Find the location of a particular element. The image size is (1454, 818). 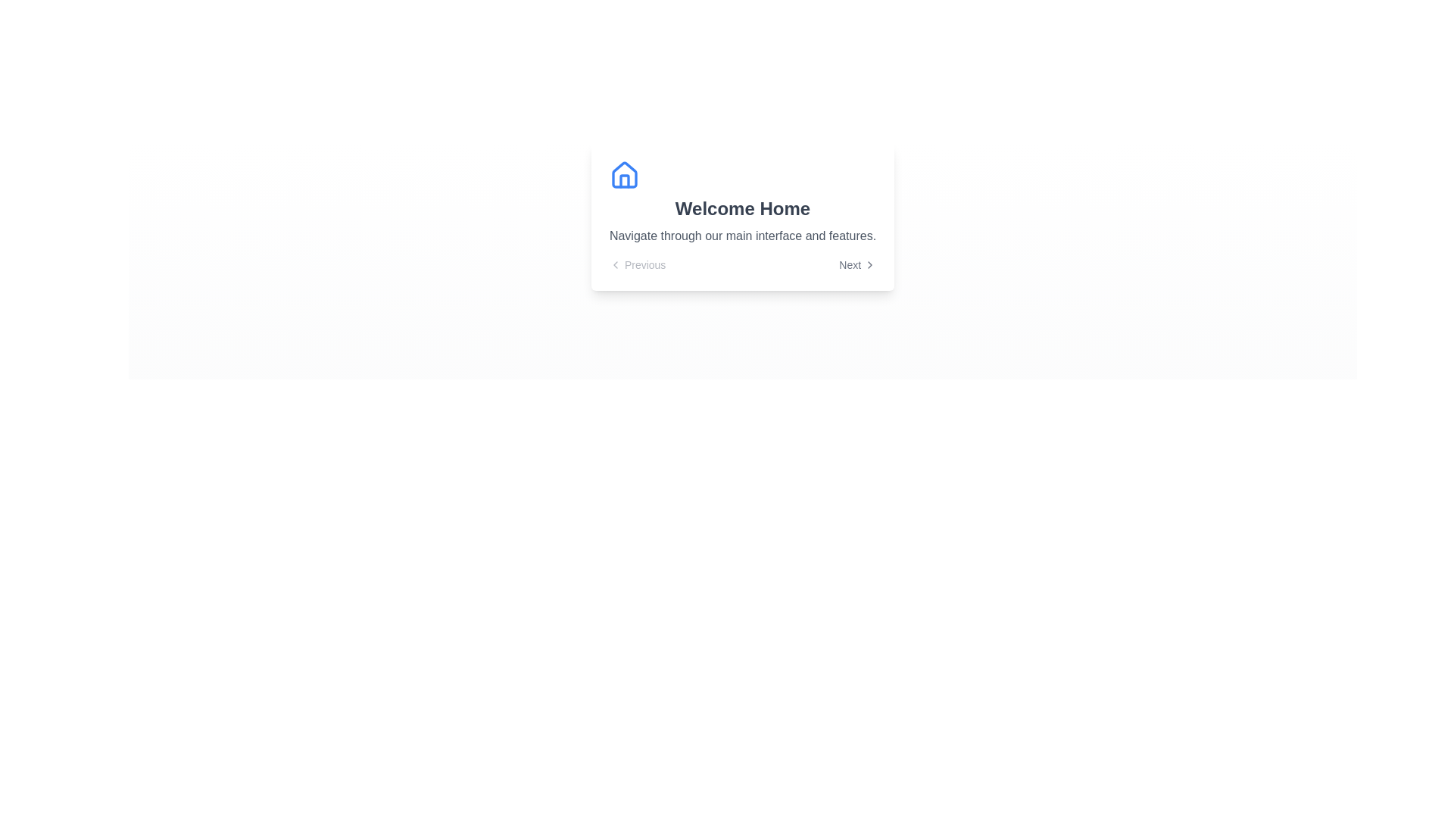

the 'Next' button which contains a rightwards arrow icon serving as a navigation indicator is located at coordinates (870, 264).